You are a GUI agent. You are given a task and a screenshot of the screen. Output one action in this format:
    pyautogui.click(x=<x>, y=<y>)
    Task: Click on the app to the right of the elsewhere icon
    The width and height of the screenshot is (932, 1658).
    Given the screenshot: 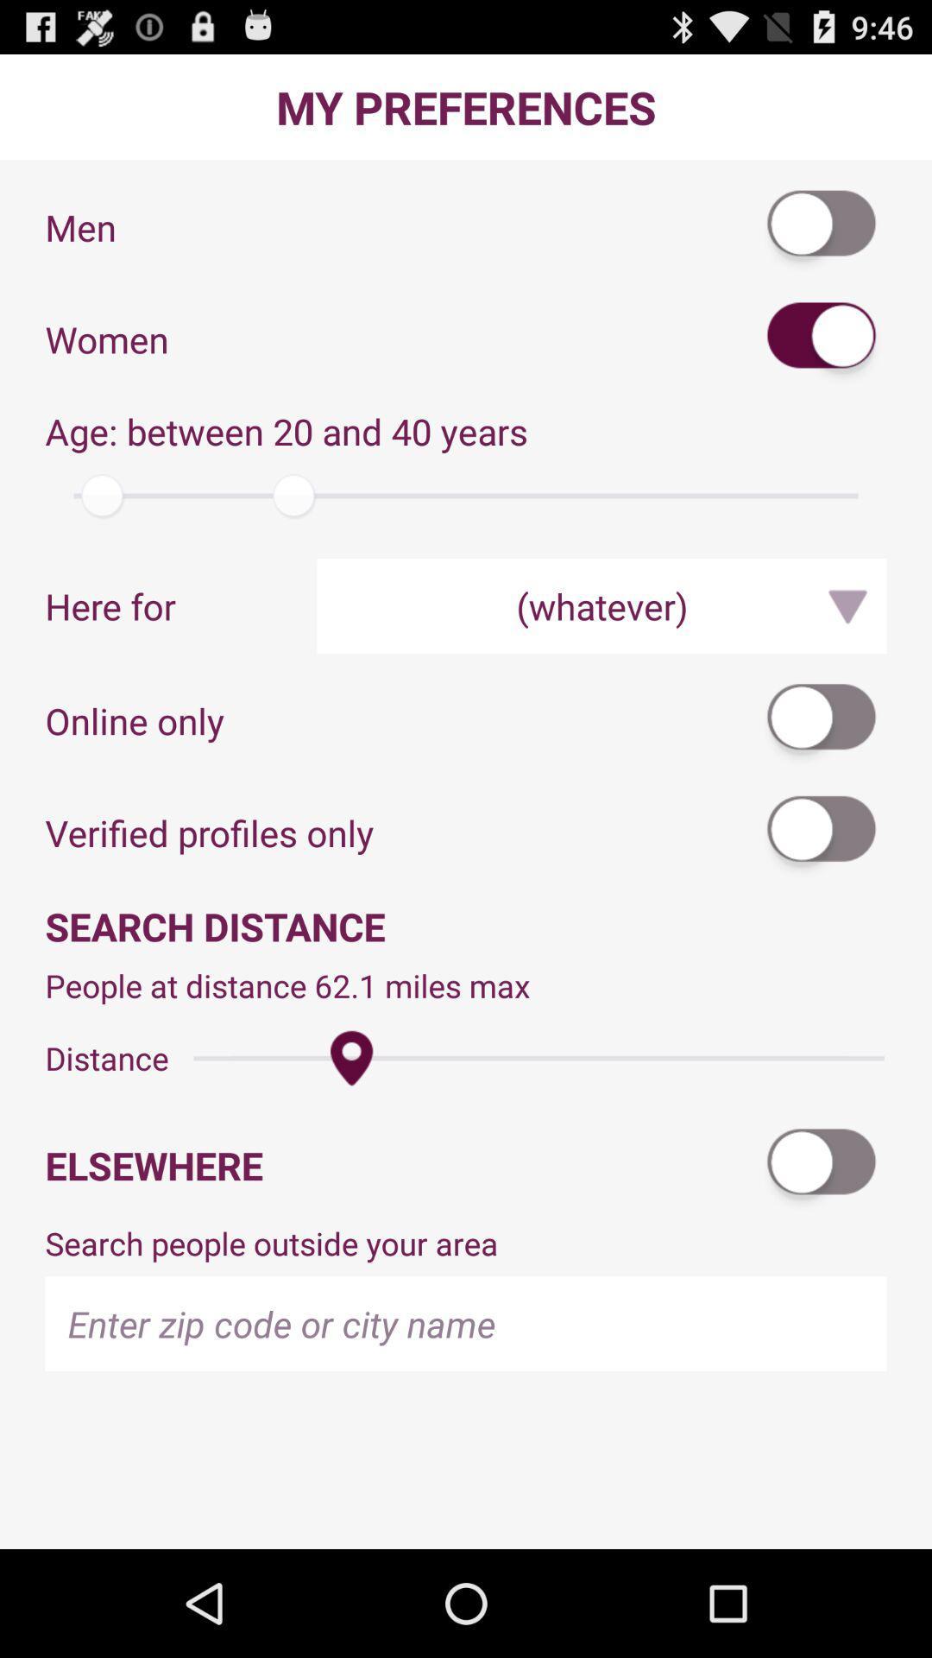 What is the action you would take?
    pyautogui.click(x=822, y=1165)
    